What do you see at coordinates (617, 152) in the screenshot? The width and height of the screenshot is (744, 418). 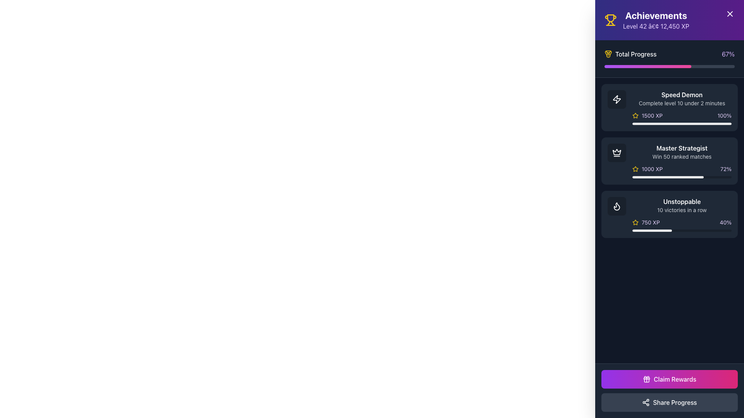 I see `the crown-shaped icon with a white stroke on a dark background in the upper-left corner of the Master Strategist achievement block` at bounding box center [617, 152].